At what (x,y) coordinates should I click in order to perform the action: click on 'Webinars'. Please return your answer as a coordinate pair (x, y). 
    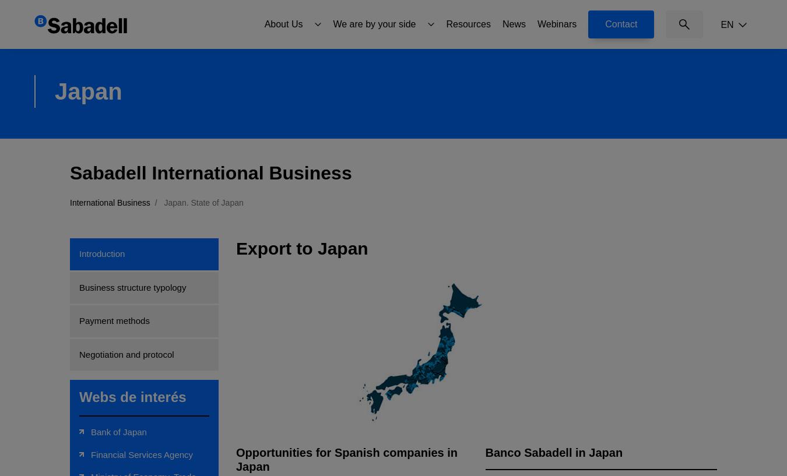
    Looking at the image, I should click on (556, 23).